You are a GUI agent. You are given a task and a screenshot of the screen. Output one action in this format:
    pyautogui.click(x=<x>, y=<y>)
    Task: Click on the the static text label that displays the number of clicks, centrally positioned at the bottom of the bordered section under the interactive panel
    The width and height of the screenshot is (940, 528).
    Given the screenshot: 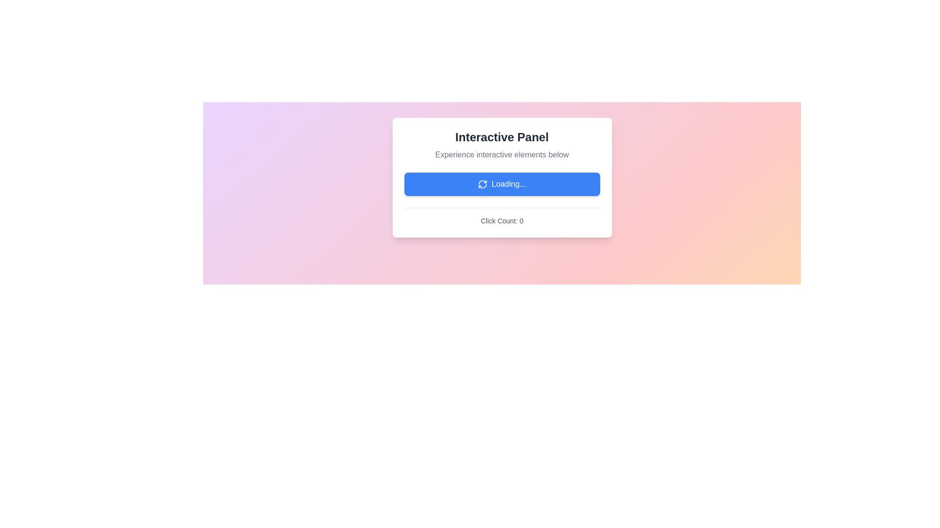 What is the action you would take?
    pyautogui.click(x=502, y=220)
    